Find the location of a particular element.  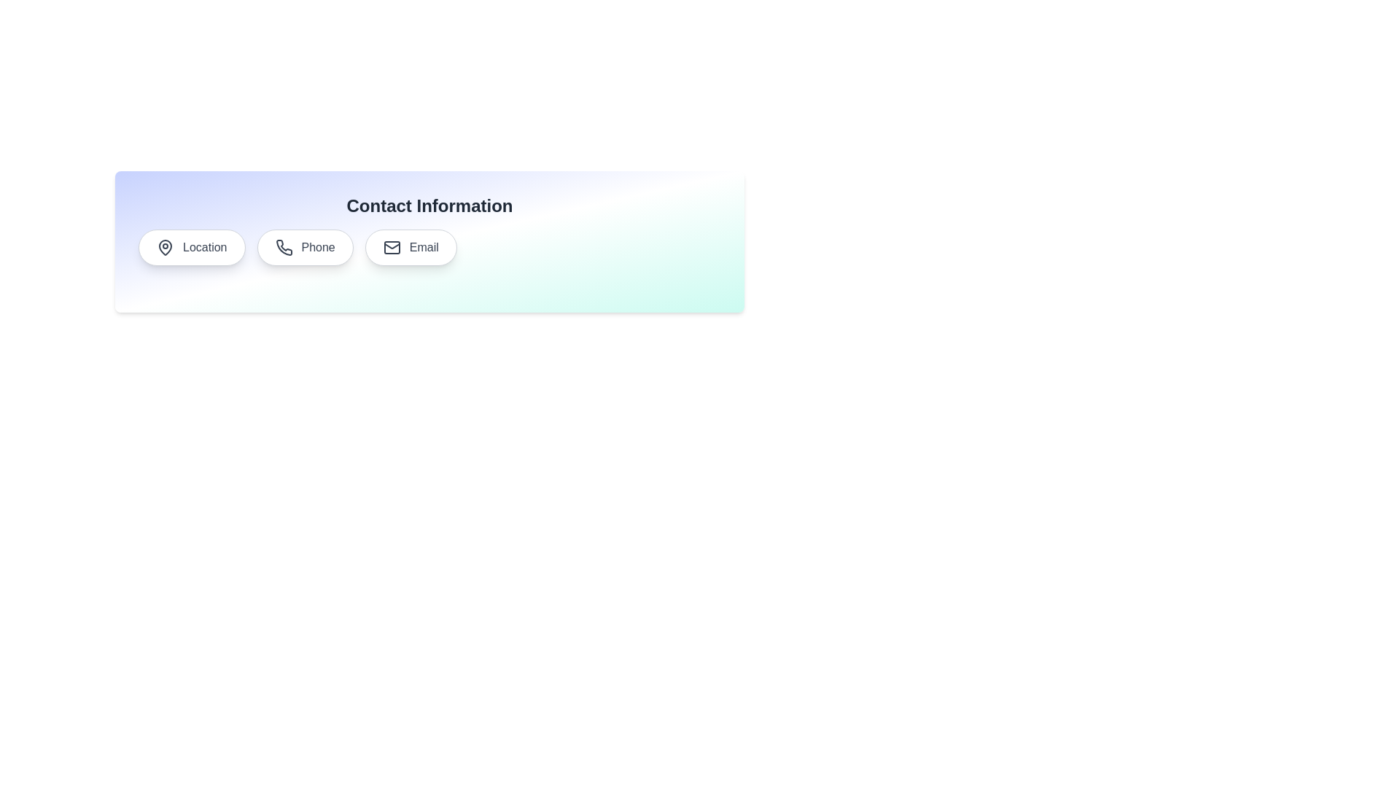

the Email chip to display its details is located at coordinates (410, 246).